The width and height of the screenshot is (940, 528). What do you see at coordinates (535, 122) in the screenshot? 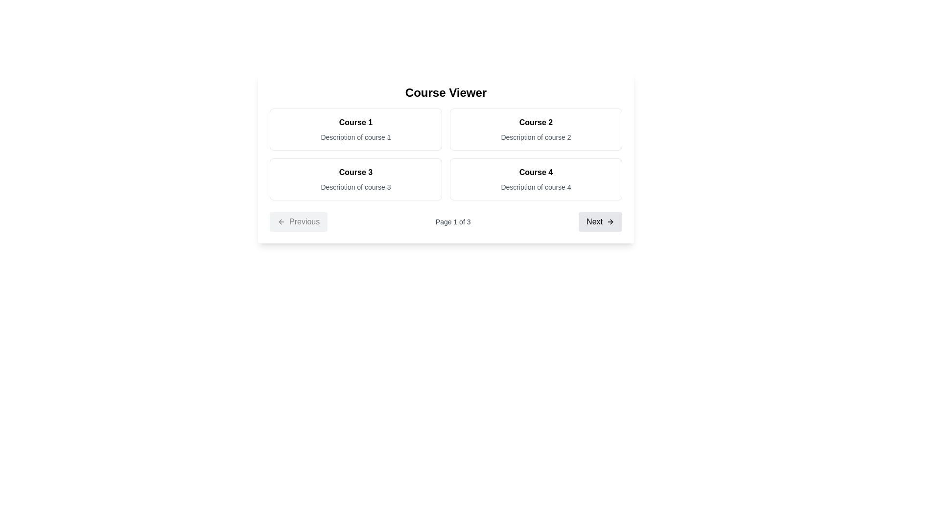
I see `the bold text label reading 'Course 2', which is styled with a larger font and is located in the top-right section of the grid layout, positioned above the text 'Description of course 2'` at bounding box center [535, 122].